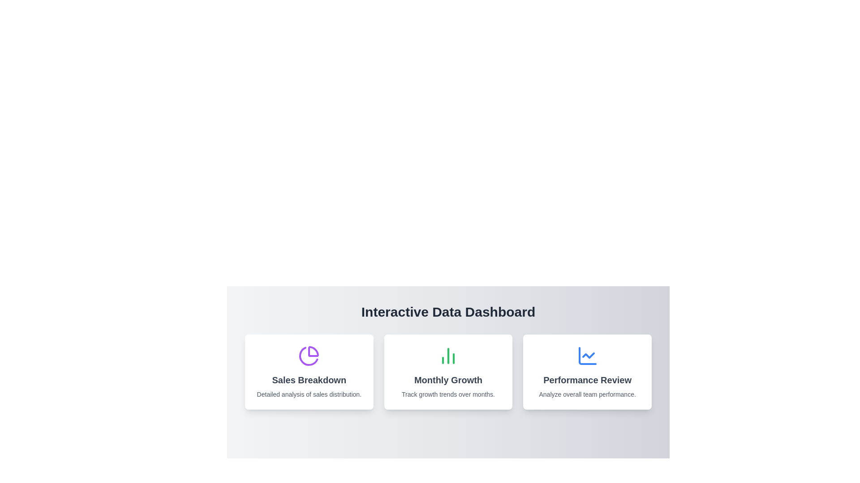 This screenshot has width=860, height=483. What do you see at coordinates (314, 351) in the screenshot?
I see `the pie chart segment icon located in the 'Sales Breakdown' card on the dashboard, which represents a portion of data in the pie chart` at bounding box center [314, 351].